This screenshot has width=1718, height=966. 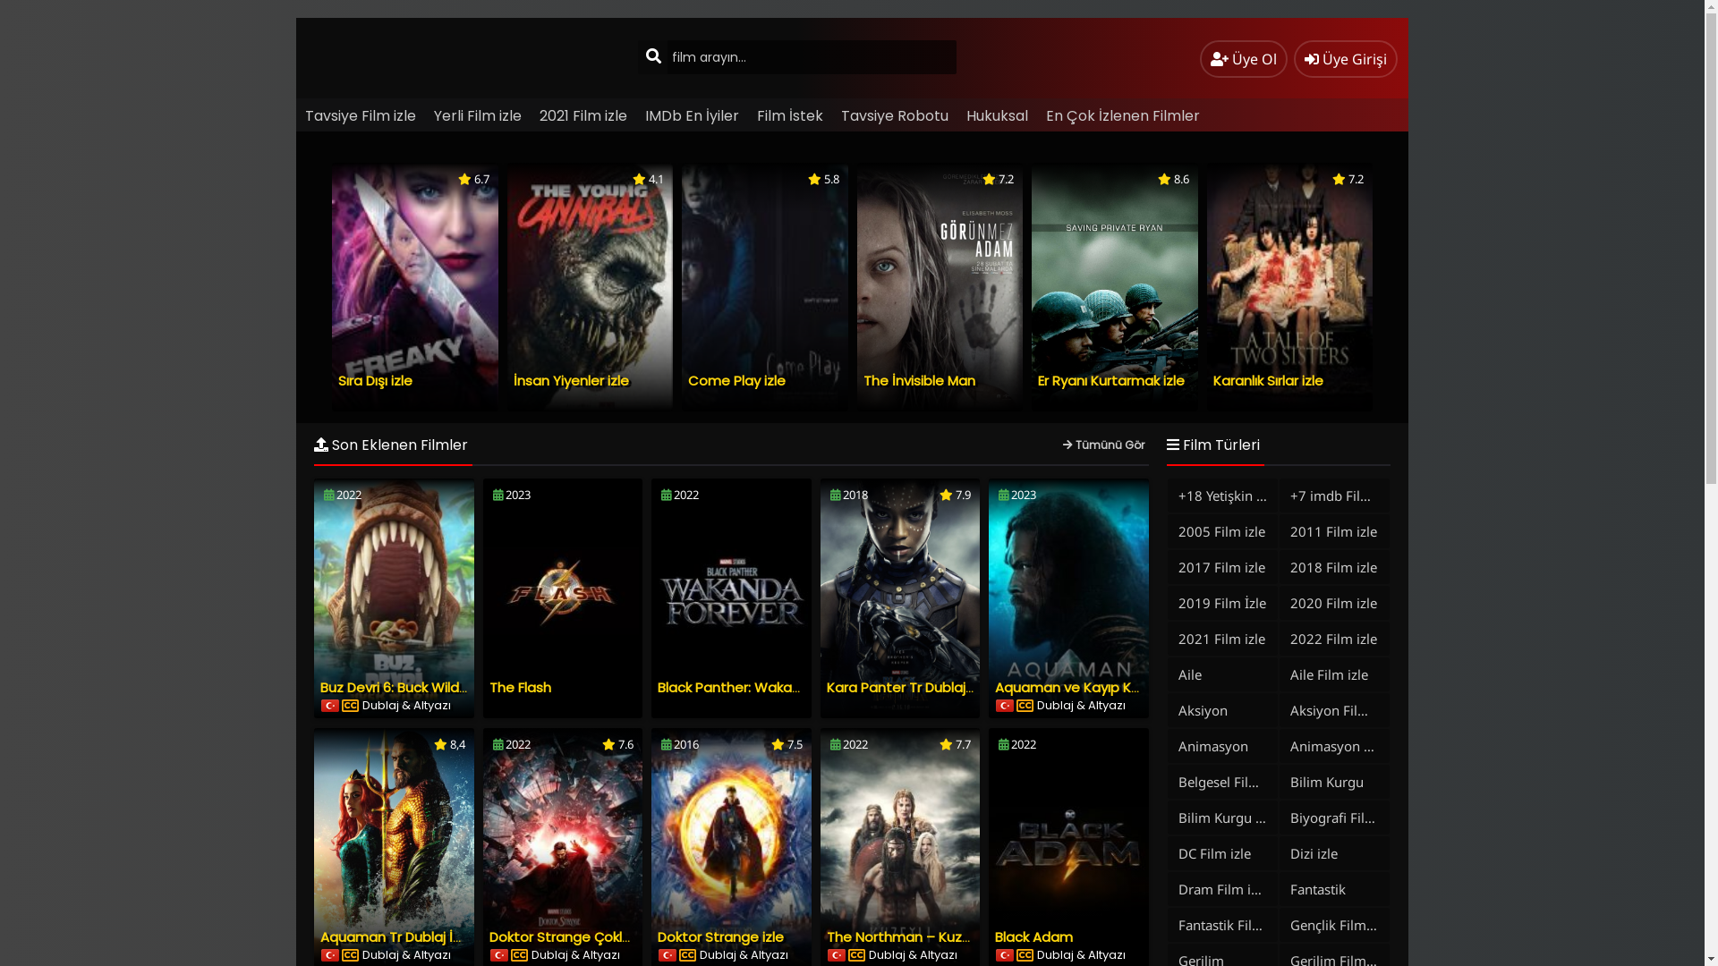 What do you see at coordinates (996, 115) in the screenshot?
I see `'Hukuksal'` at bounding box center [996, 115].